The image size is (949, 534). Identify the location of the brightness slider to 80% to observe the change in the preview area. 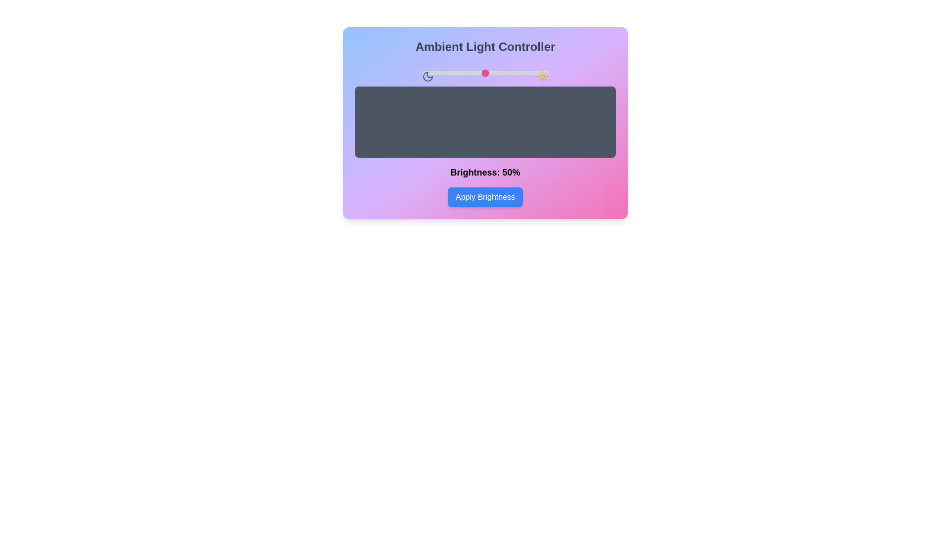
(522, 72).